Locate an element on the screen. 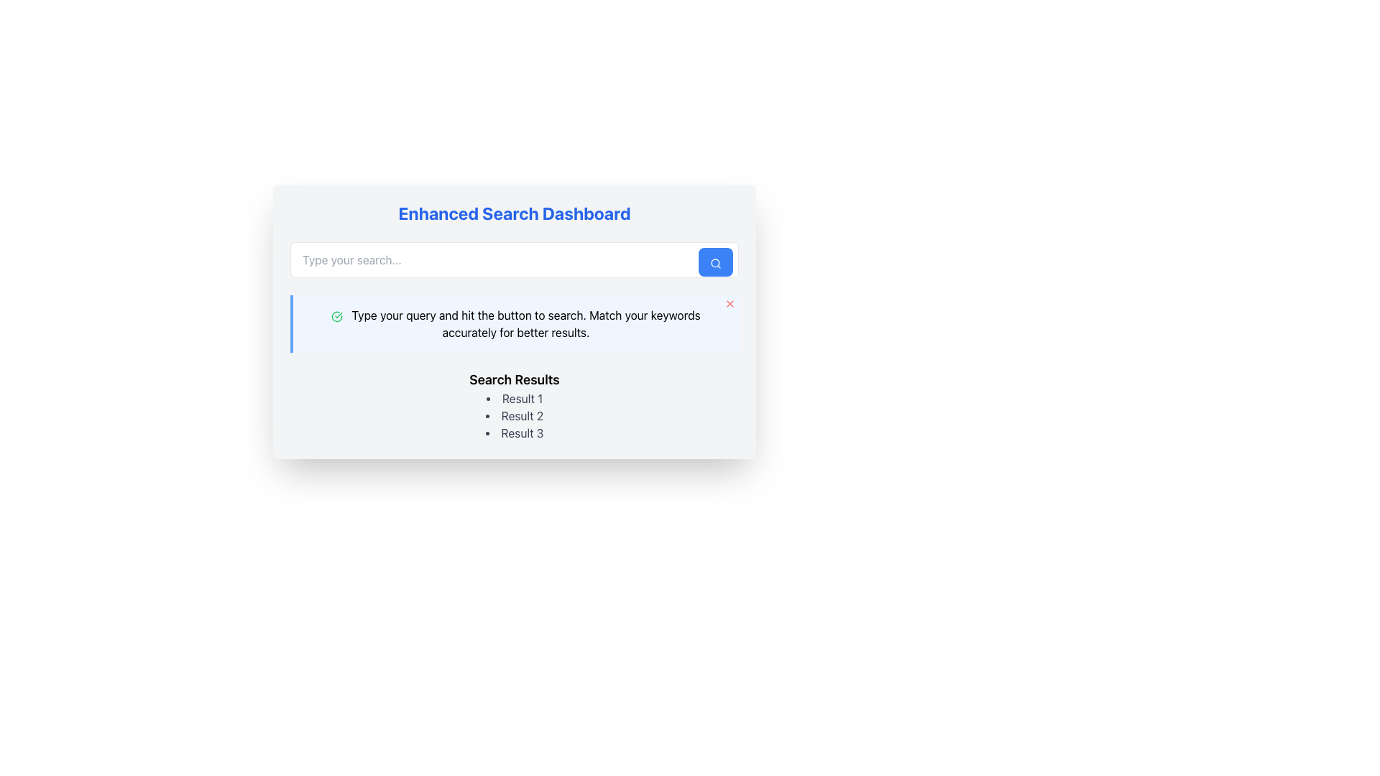 Image resolution: width=1380 pixels, height=776 pixels. the magnifying glass icon in the top-right corner of the text input box to initiate a search in the 'Enhanced Search Dashboard' is located at coordinates (716, 263).